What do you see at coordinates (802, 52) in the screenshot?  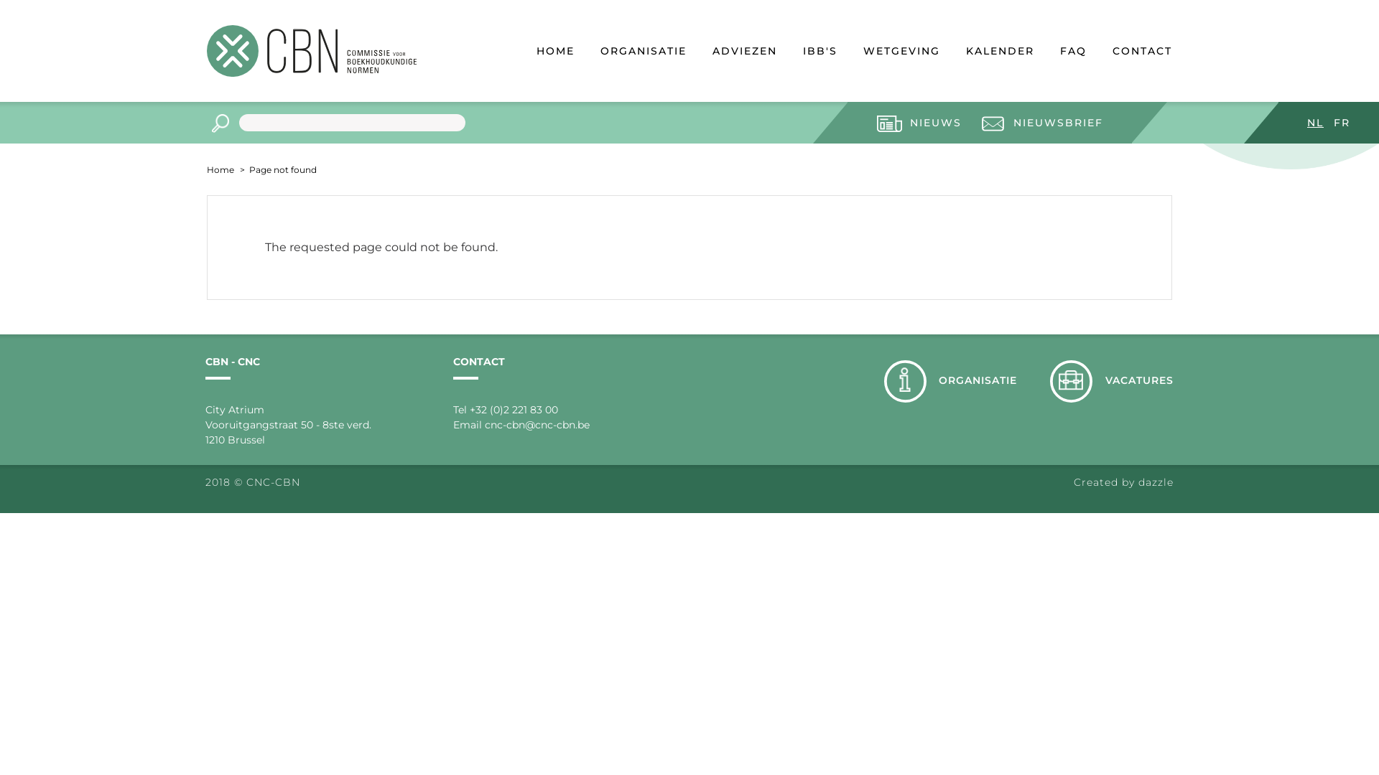 I see `'IBB'S'` at bounding box center [802, 52].